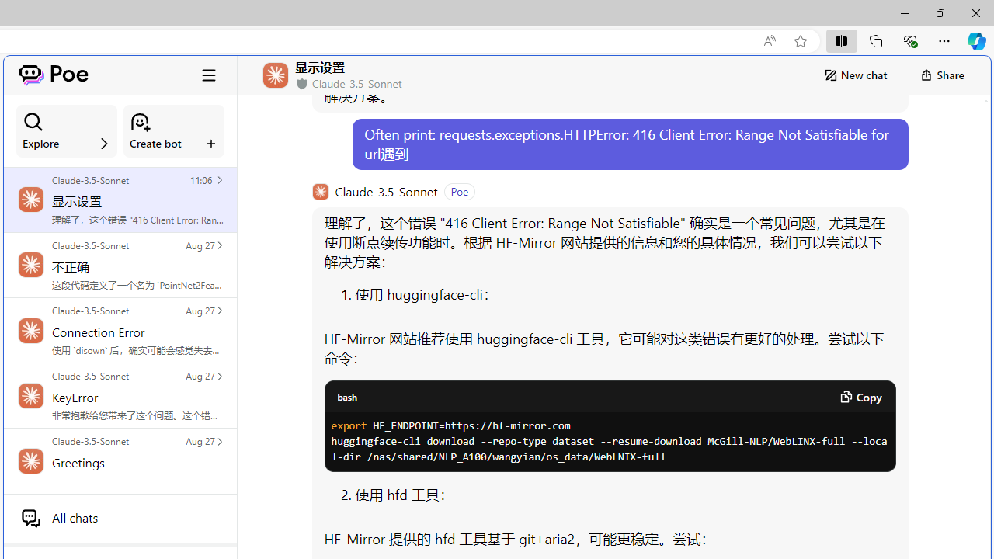  I want to click on 'Class: ManageBotsCardSection_createBotIcon__9JUYg', so click(140, 121).